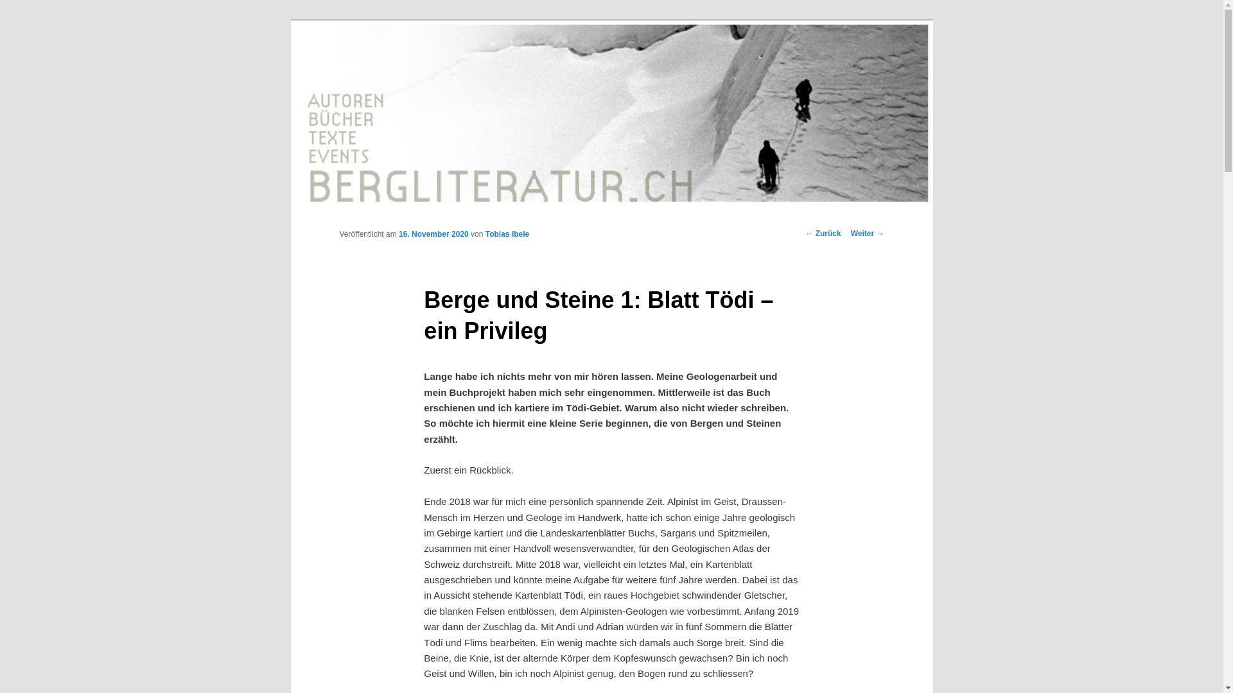  Describe the element at coordinates (484, 234) in the screenshot. I see `'Tobias Ibele'` at that location.